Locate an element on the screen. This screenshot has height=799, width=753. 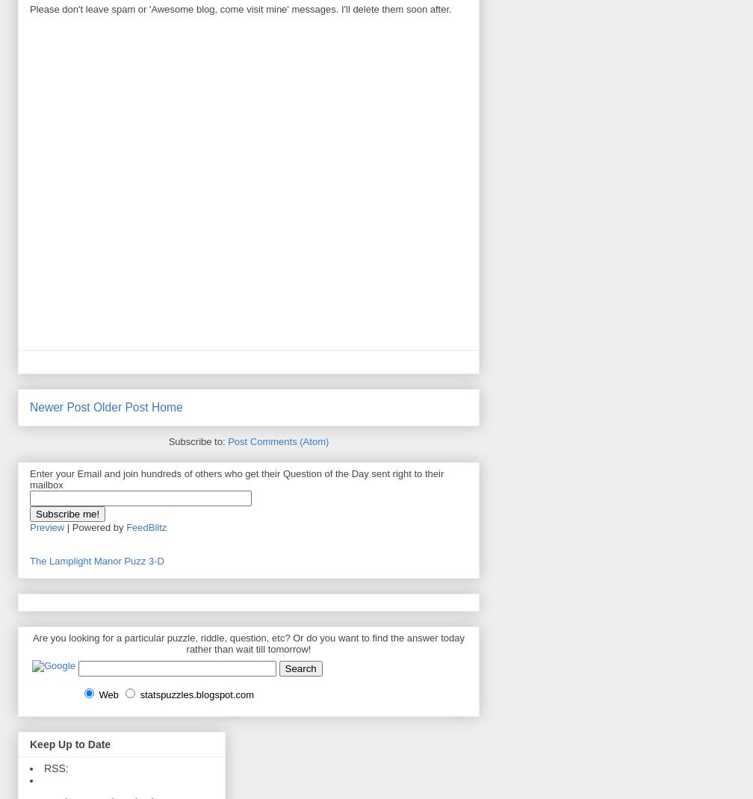
'Web' is located at coordinates (108, 693).